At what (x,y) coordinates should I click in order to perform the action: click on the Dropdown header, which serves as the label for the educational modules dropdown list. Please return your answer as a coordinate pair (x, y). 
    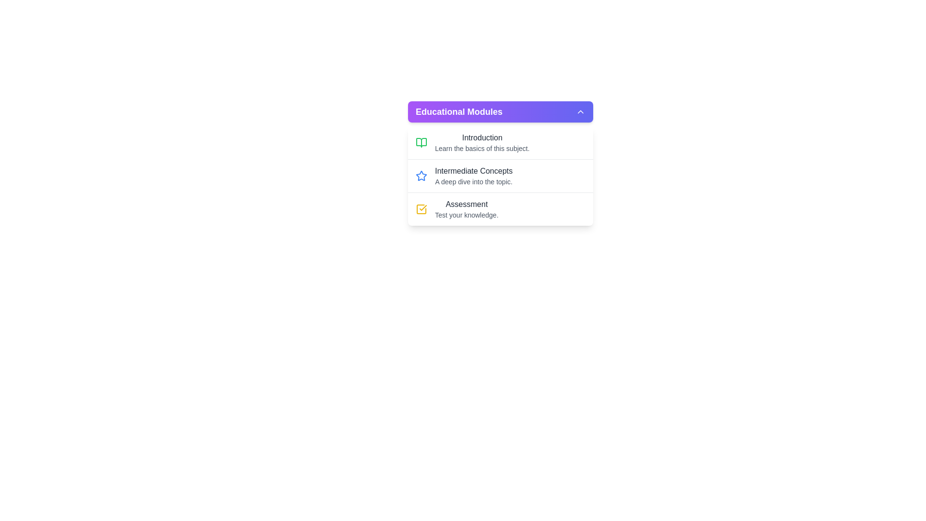
    Looking at the image, I should click on (500, 111).